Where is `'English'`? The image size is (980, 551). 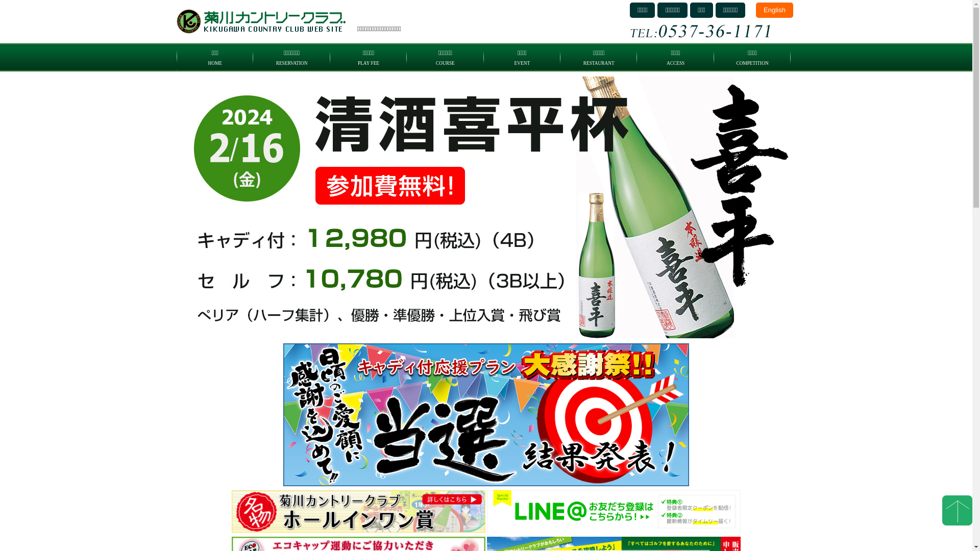 'English' is located at coordinates (774, 10).